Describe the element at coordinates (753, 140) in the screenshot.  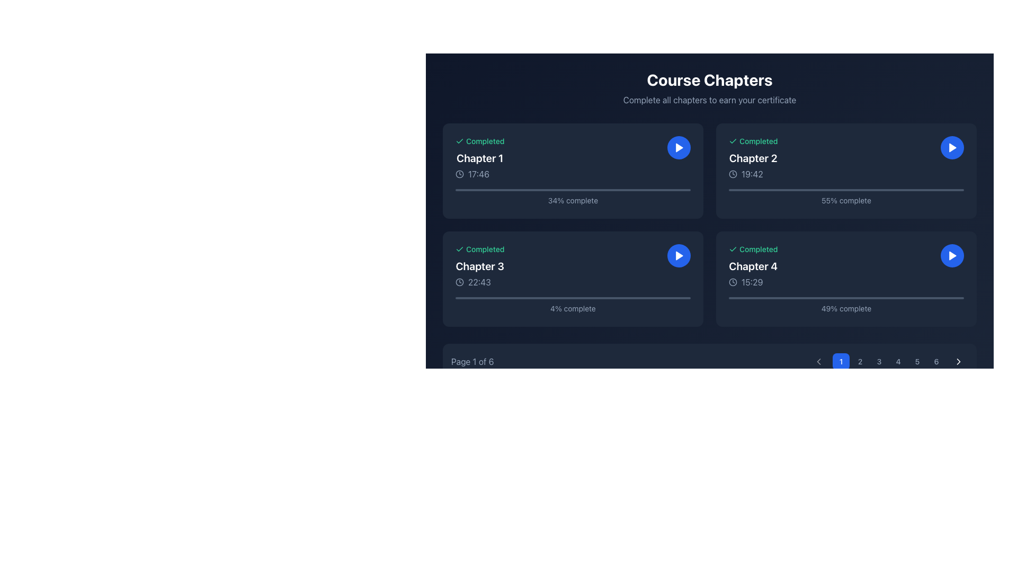
I see `the Status Label with Icon indicating the completion status of Chapter 2, located at the top-left corner of the card in the second column of the first row within the 'Course Chapters' grid layout` at that location.